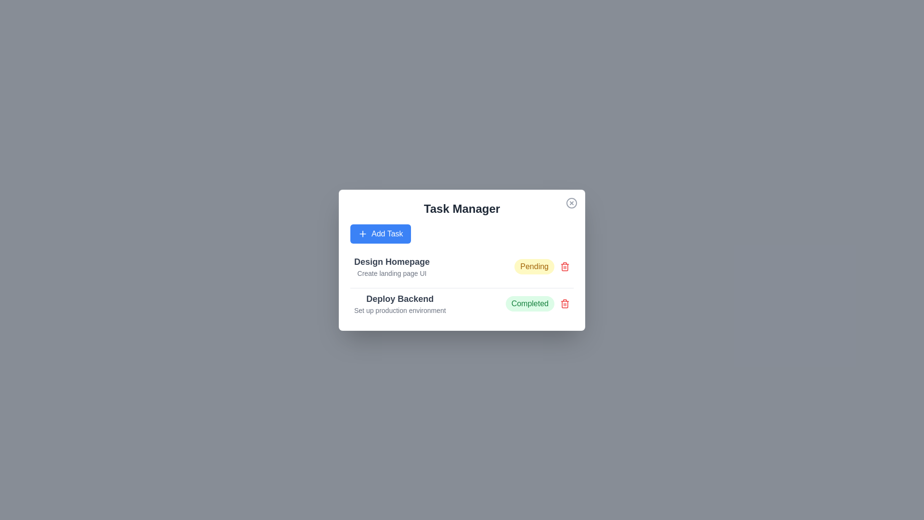  What do you see at coordinates (572, 202) in the screenshot?
I see `the circular button with a centered 'x' icon located at the top-right corner of the modal window` at bounding box center [572, 202].